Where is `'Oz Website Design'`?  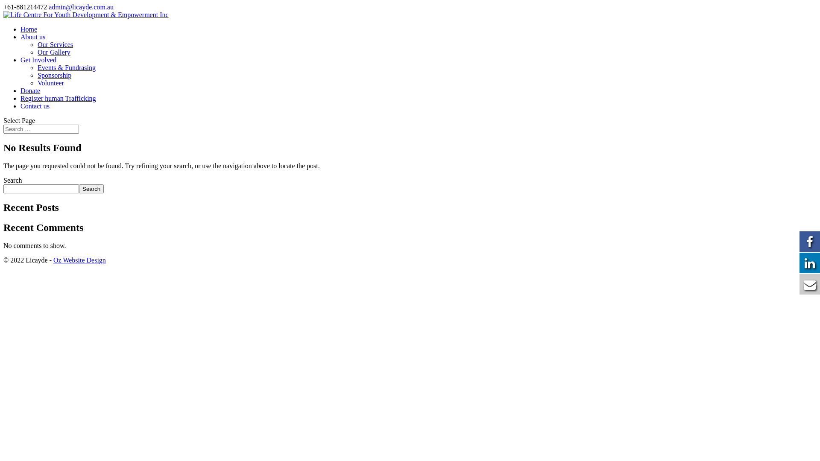
'Oz Website Design' is located at coordinates (79, 260).